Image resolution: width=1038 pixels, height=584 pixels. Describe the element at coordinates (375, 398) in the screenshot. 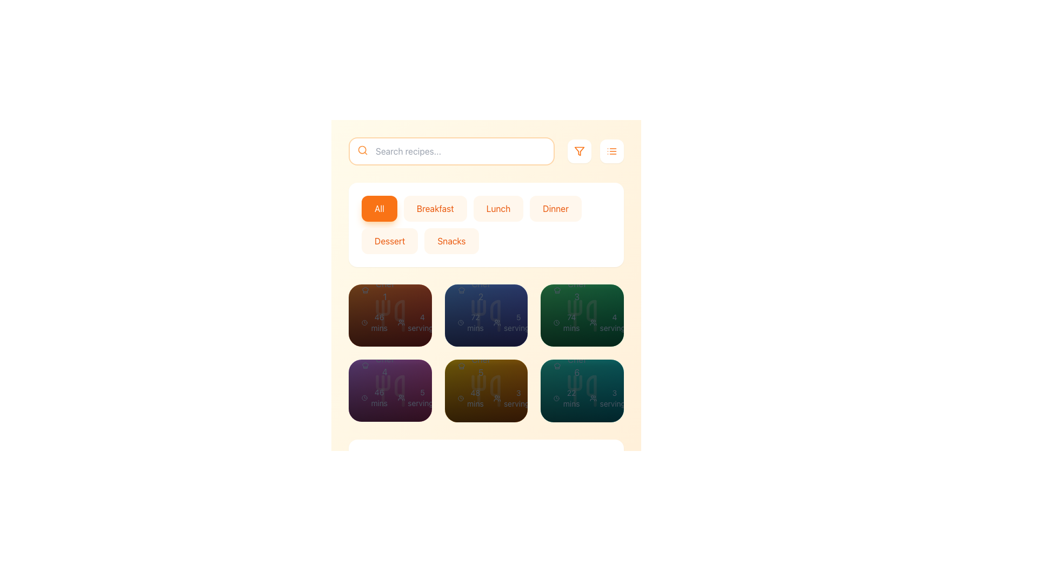

I see `estimated preparation time displayed in the text and icon pair located at the center of the second card in the second row of recipe cards, which is positioned to the left of '5 servings' and 'Hard'` at that location.